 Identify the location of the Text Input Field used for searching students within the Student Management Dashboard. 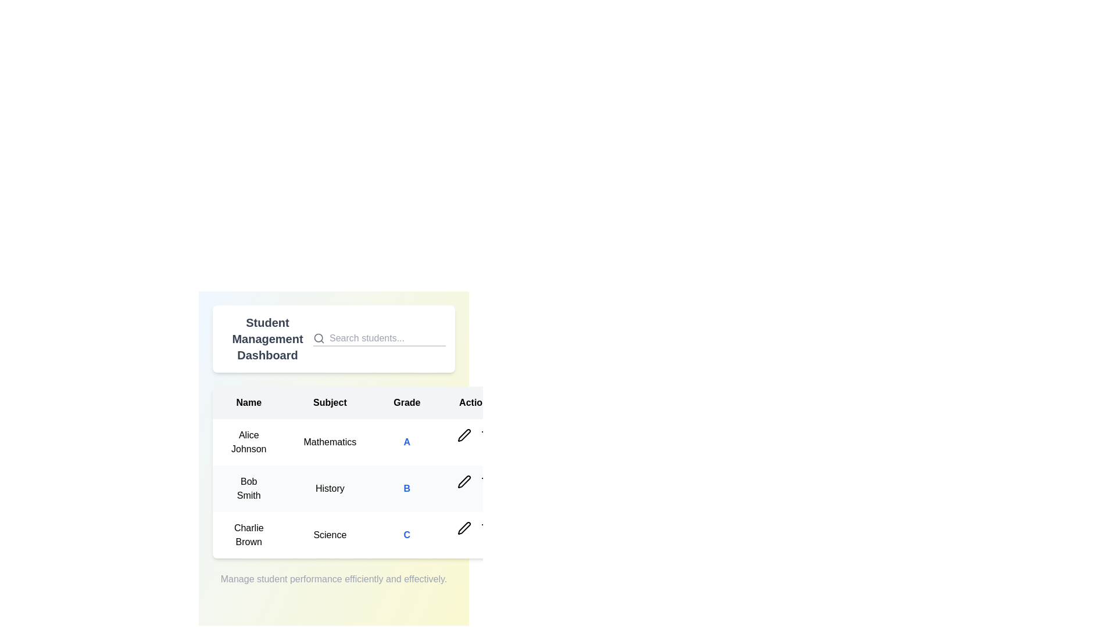
(388, 338).